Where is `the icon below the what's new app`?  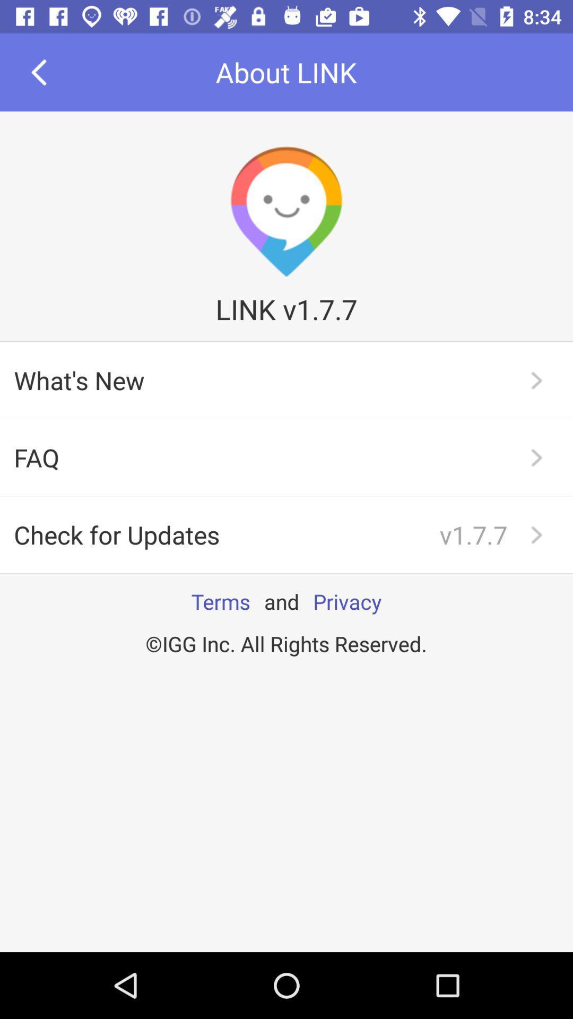 the icon below the what's new app is located at coordinates (286, 457).